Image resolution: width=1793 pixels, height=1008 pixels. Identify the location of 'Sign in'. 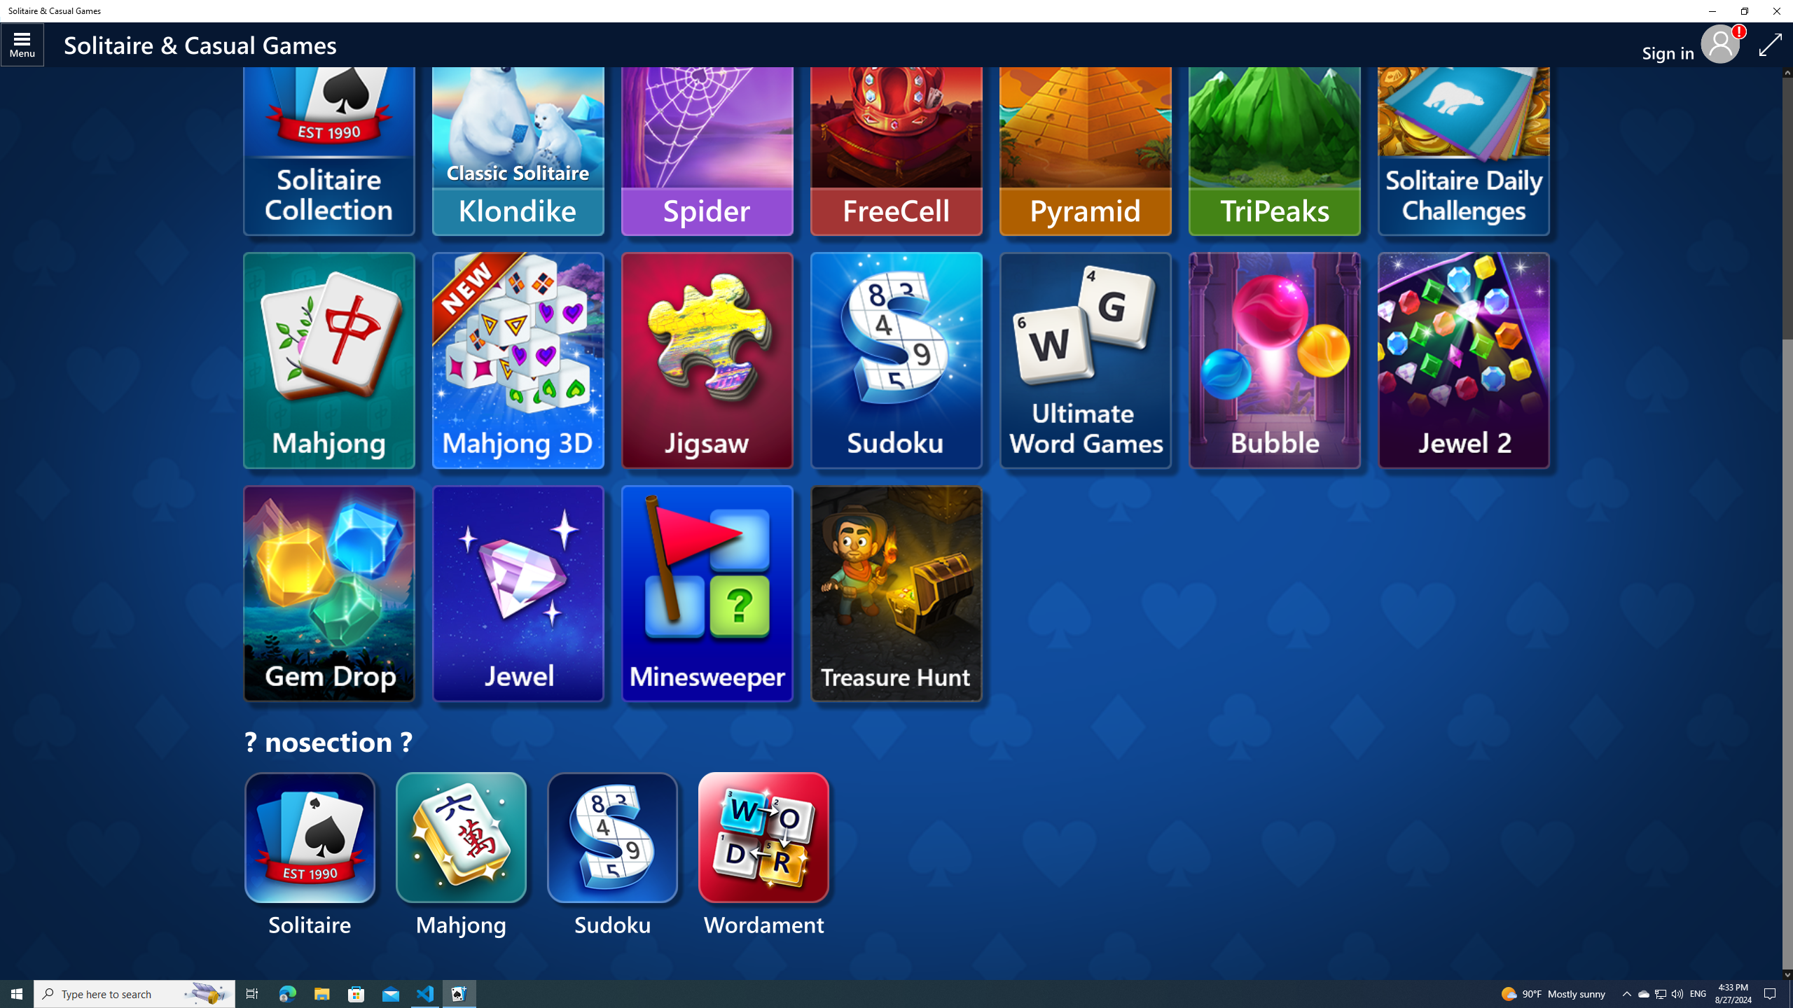
(1673, 45).